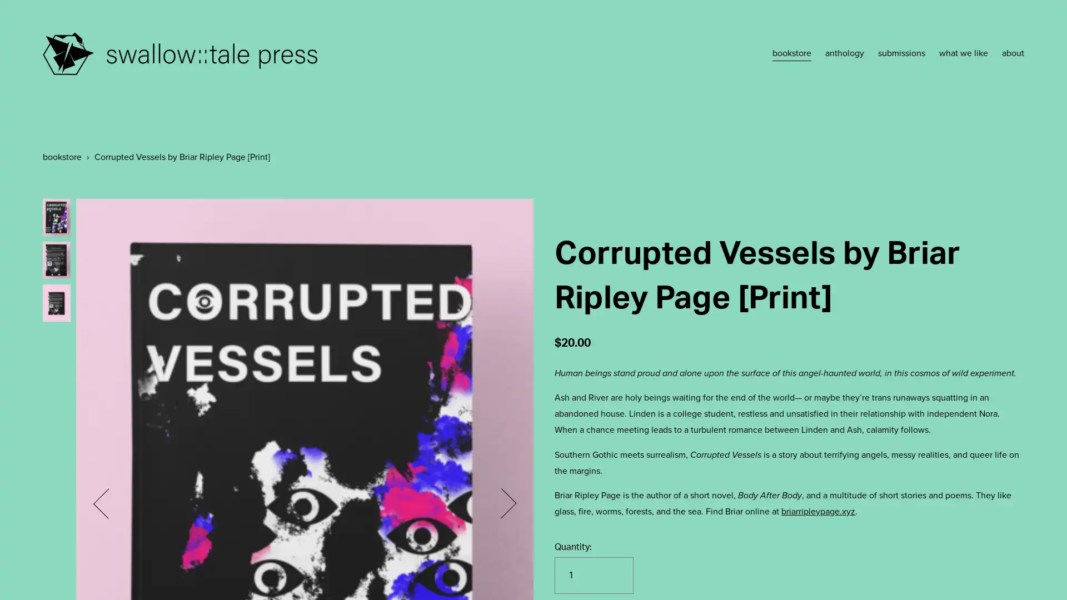 This screenshot has height=600, width=1067. I want to click on Image 1 of 3, so click(55, 217).